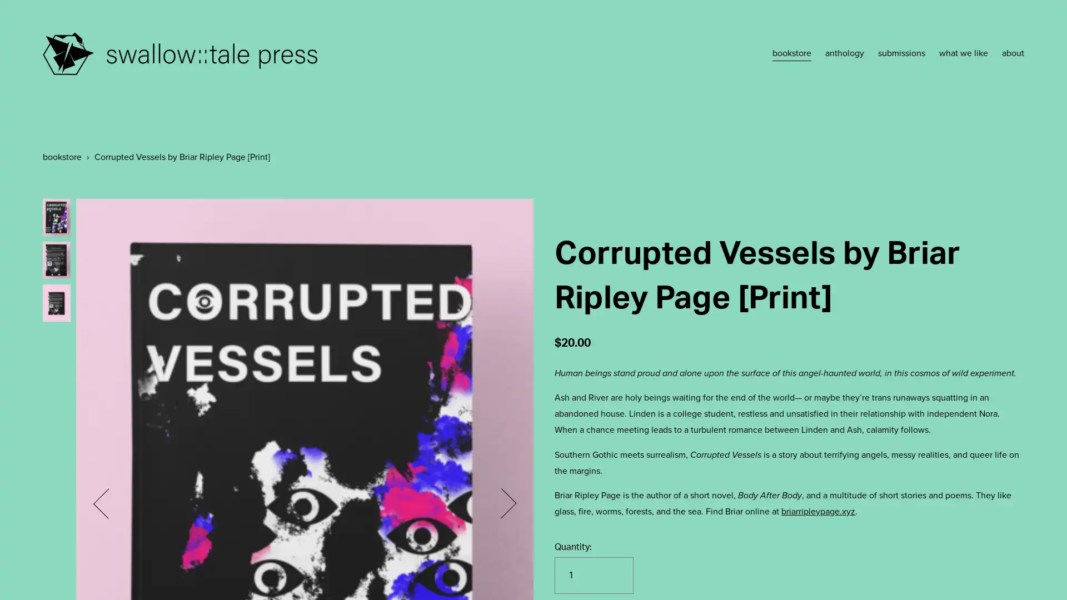 This screenshot has height=600, width=1067. I want to click on Image 1 of 3, so click(55, 217).